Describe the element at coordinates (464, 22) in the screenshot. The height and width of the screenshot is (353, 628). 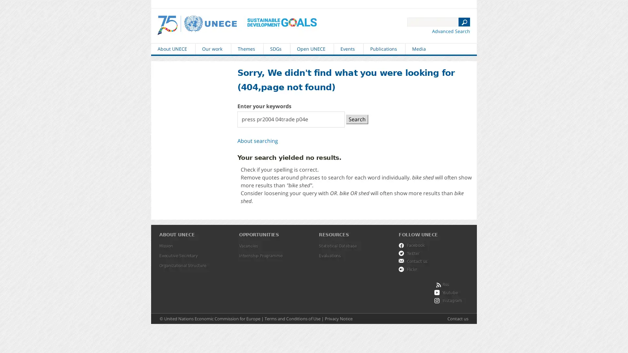
I see `N` at that location.